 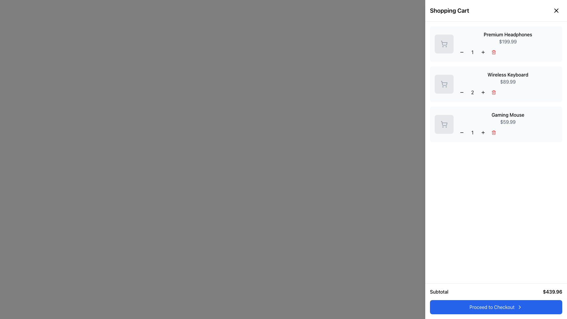 What do you see at coordinates (507, 52) in the screenshot?
I see `the plus button of the Quantity control component for the 'Premium Headphones' in the Shopping Cart to increase the quantity` at bounding box center [507, 52].